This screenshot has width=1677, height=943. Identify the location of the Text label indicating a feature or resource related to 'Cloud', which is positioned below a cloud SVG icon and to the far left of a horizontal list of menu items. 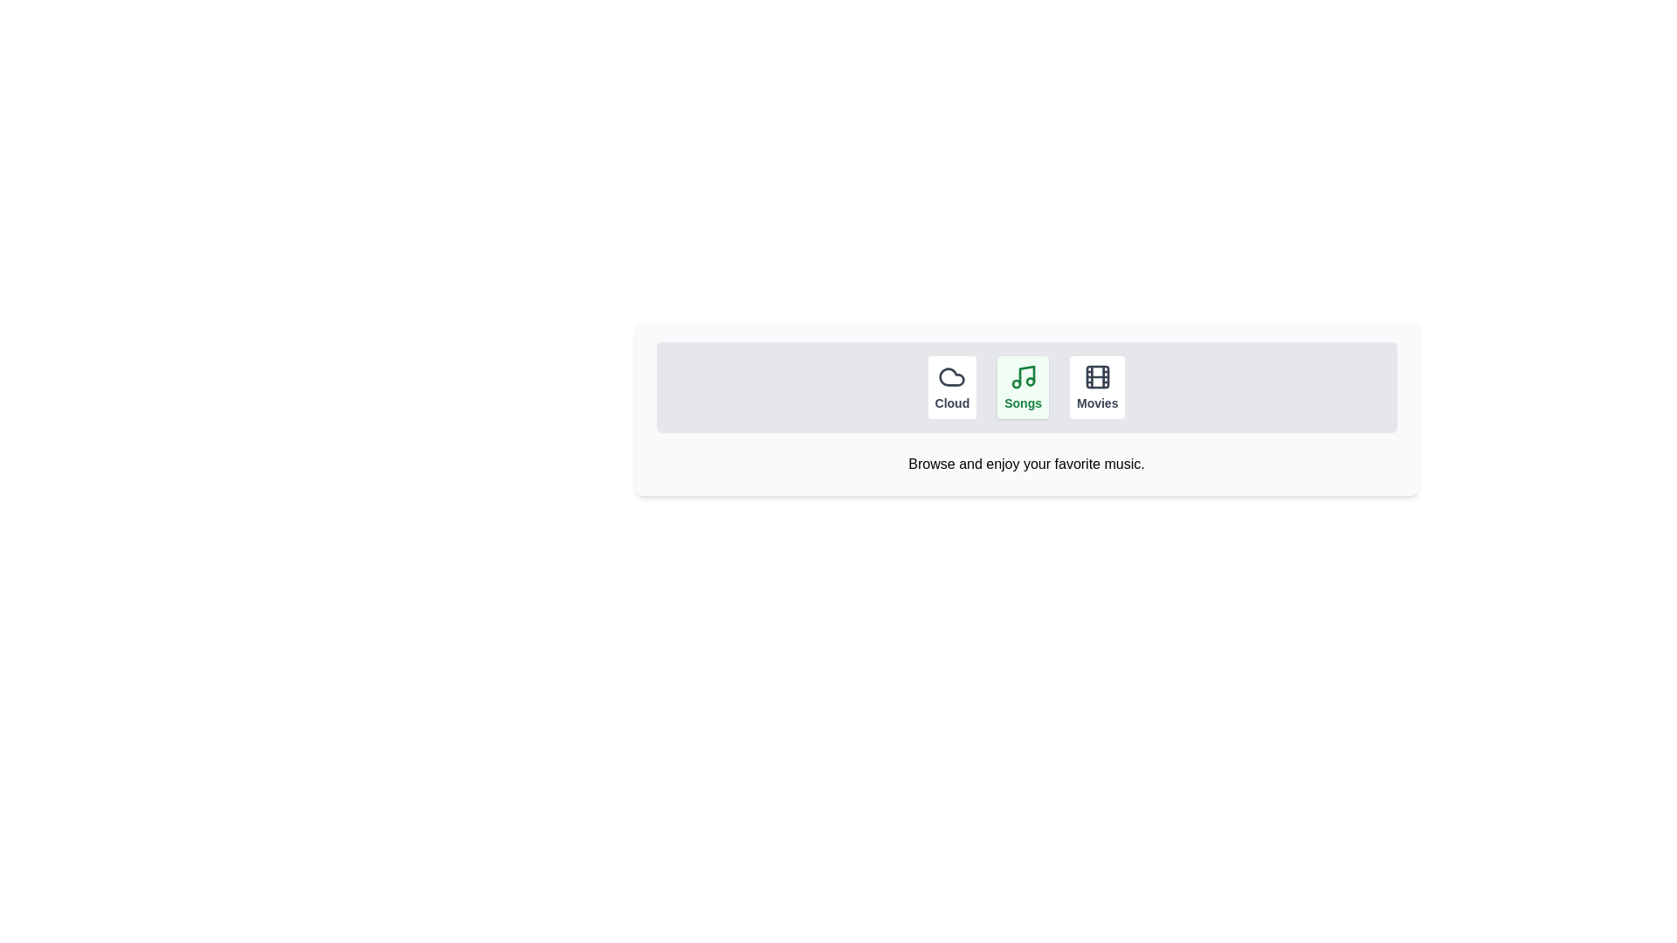
(951, 403).